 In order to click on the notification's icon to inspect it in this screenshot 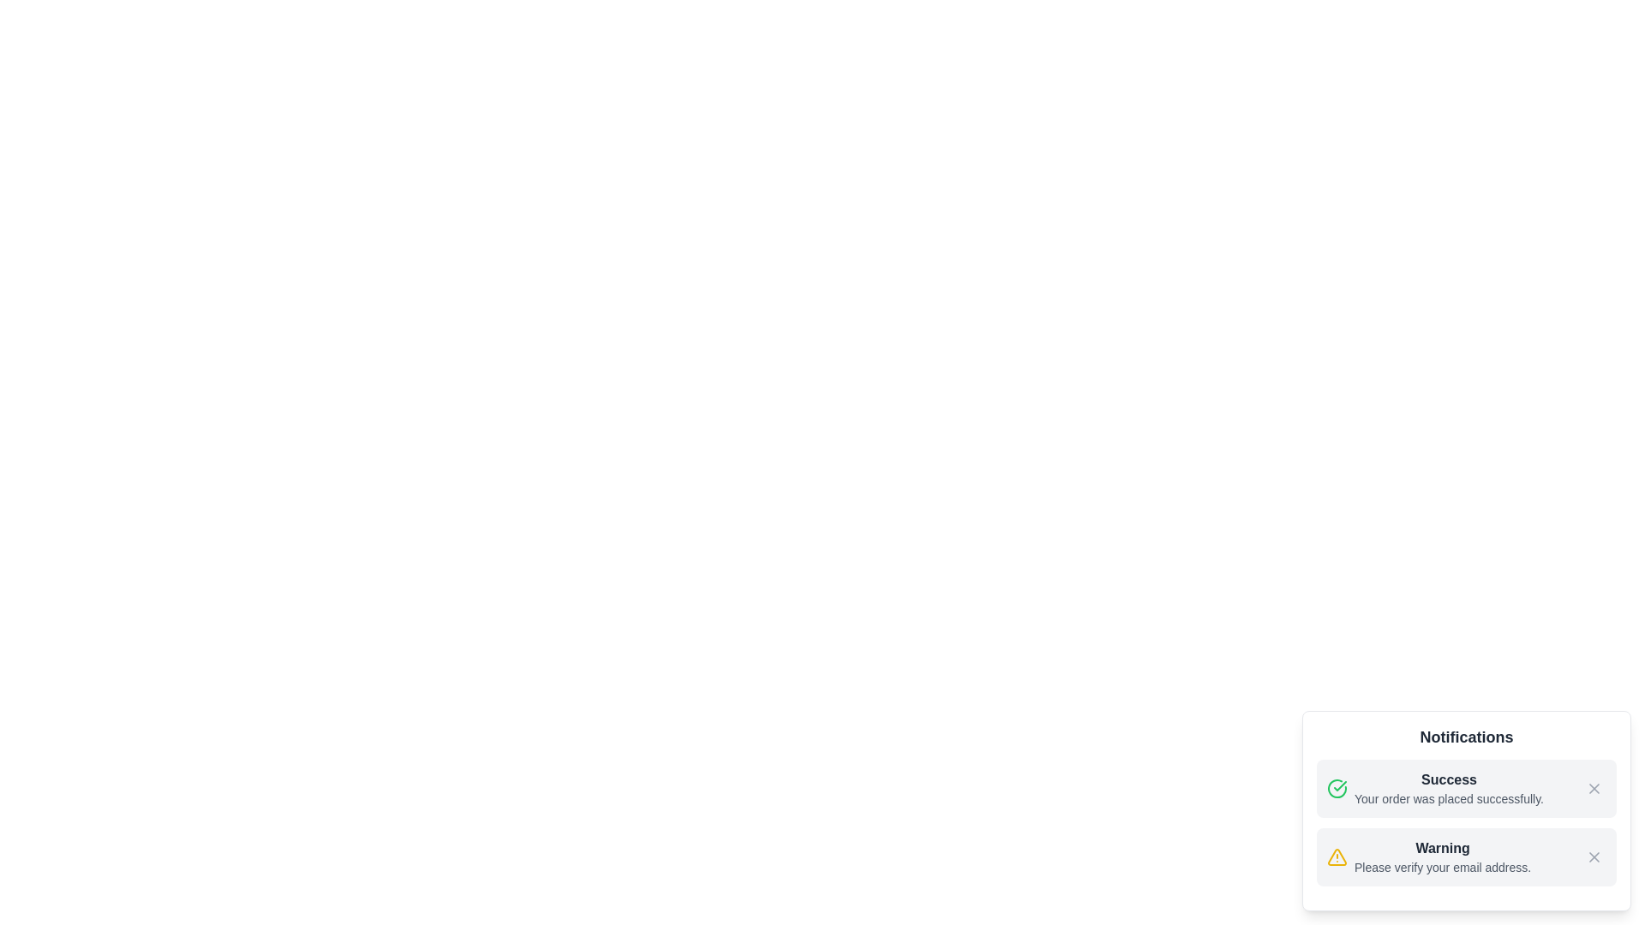, I will do `click(1336, 789)`.